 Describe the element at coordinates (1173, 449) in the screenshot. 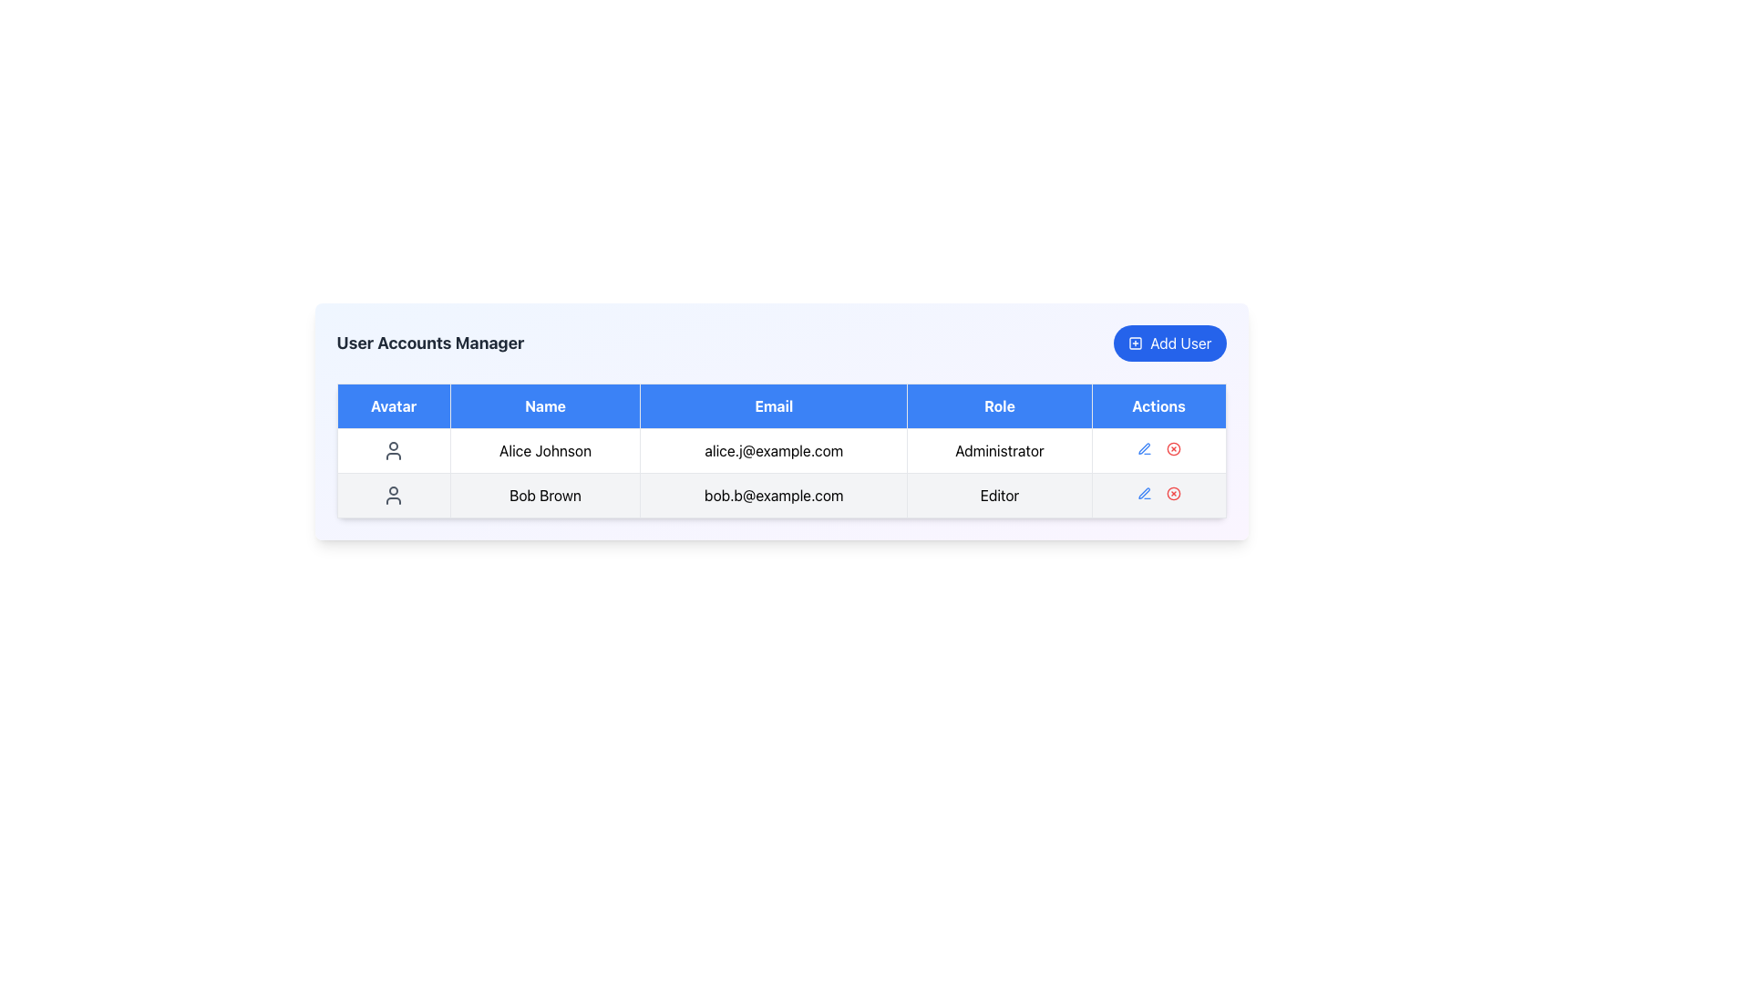

I see `the SVG Circle element representing the close or cancel action in the 'Actions' column of the second row in the user data table` at that location.